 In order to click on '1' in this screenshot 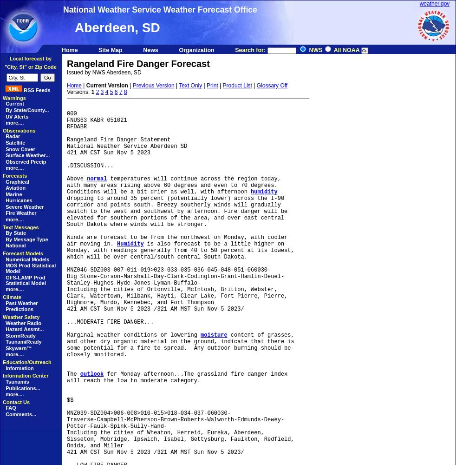, I will do `click(92, 92)`.